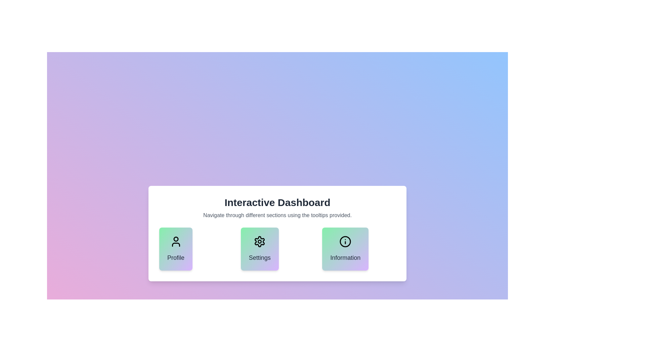 The width and height of the screenshot is (645, 363). I want to click on the descriptive text element reading 'Navigate through different sections using the tooltips provided.' which is located directly below the bold title 'Interactive Dashboard.', so click(277, 215).